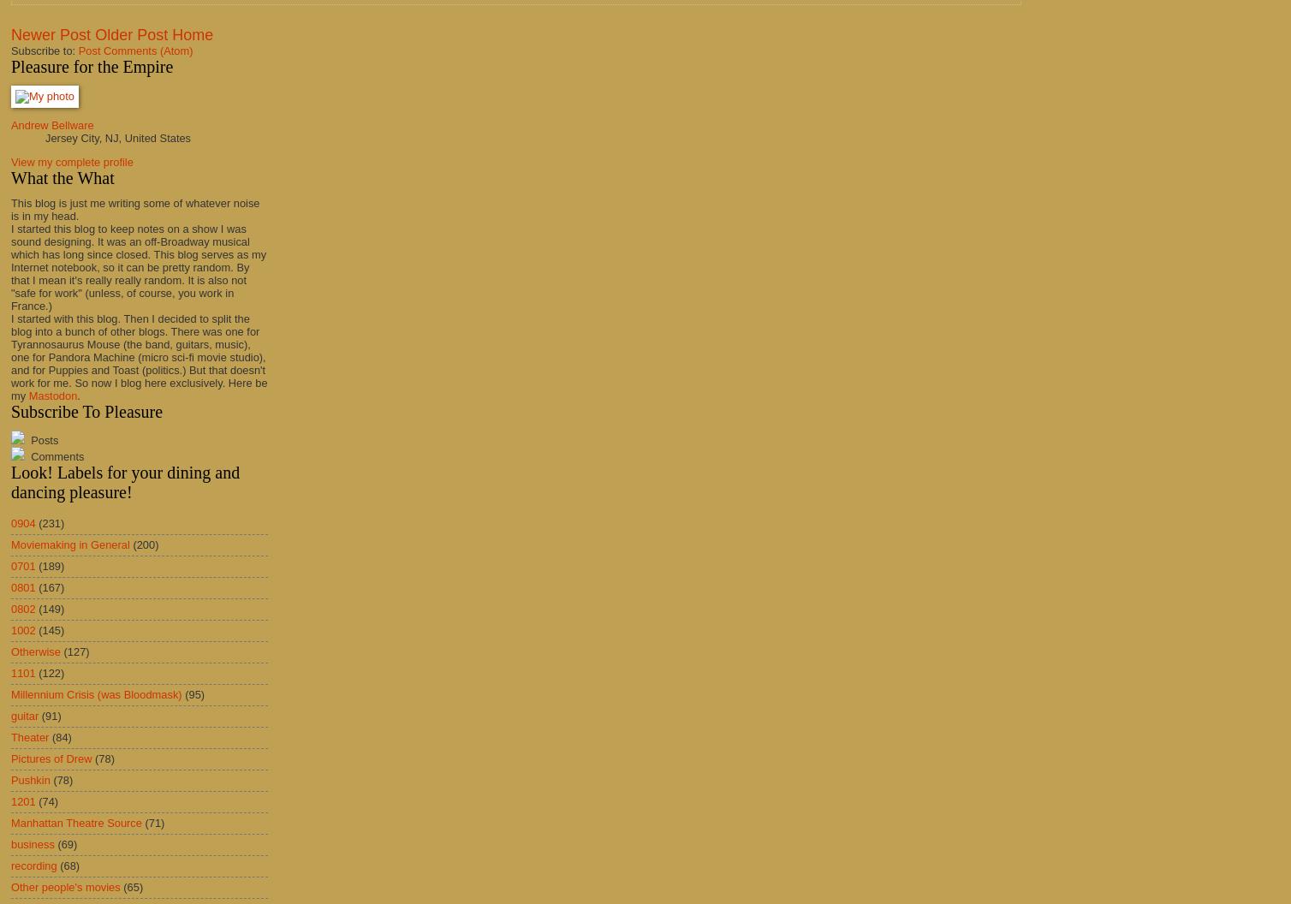 The height and width of the screenshot is (904, 1291). What do you see at coordinates (69, 865) in the screenshot?
I see `'(68)'` at bounding box center [69, 865].